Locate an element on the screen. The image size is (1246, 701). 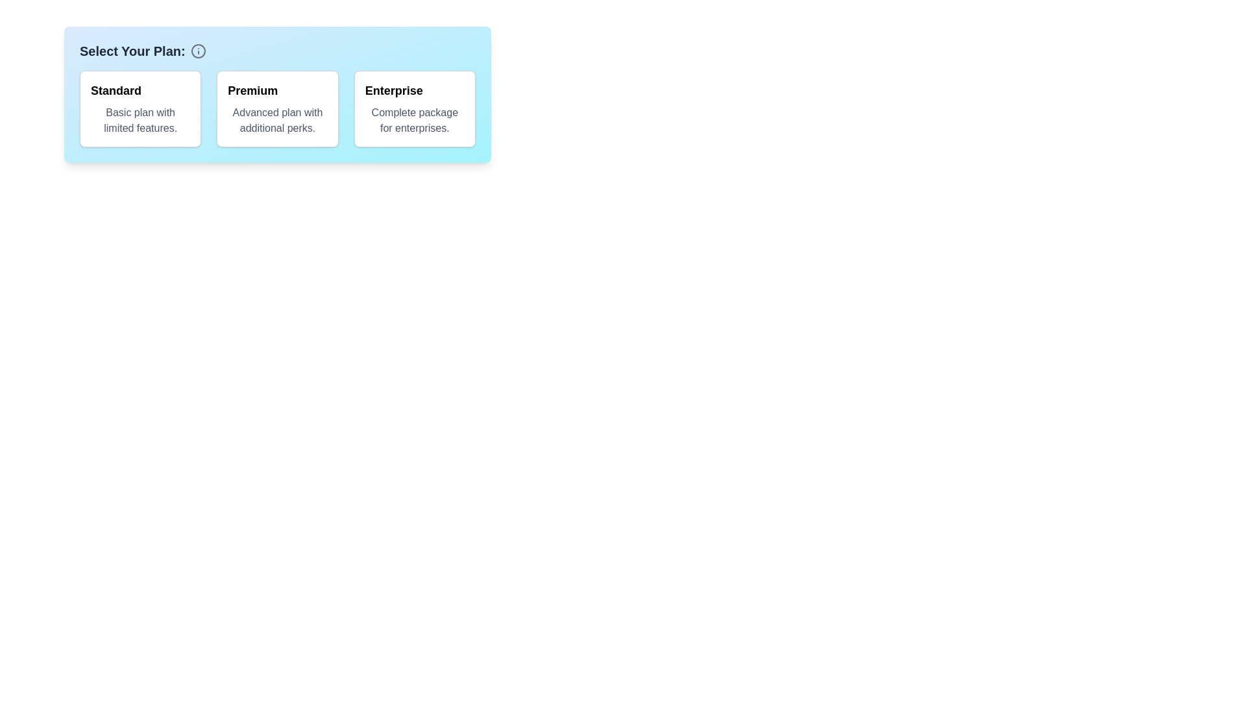
the descriptive text label for the 'Standard' plan, which is located beneath the bold 'Standard' label in the first card of the plans list is located at coordinates (140, 120).